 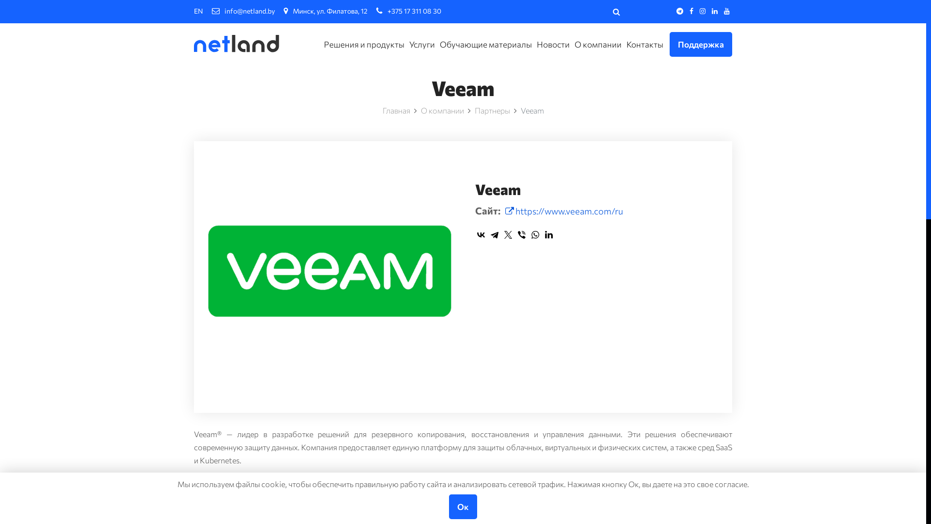 I want to click on 'https://www.veeam.com/ru', so click(x=504, y=211).